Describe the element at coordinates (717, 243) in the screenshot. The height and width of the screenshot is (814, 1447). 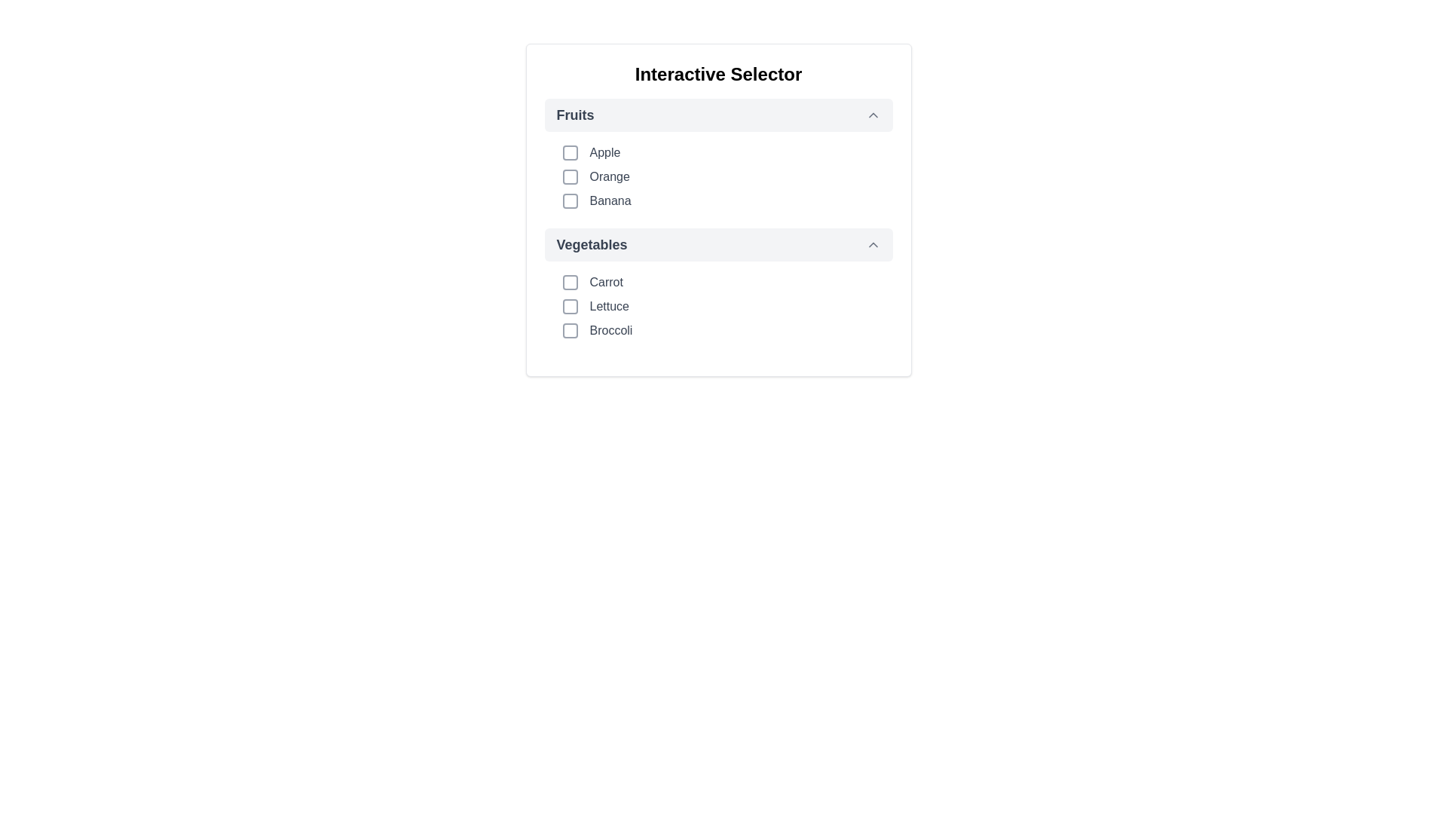
I see `the Dropdown header row for the 'Vegetables' category to enable keyboard interaction` at that location.